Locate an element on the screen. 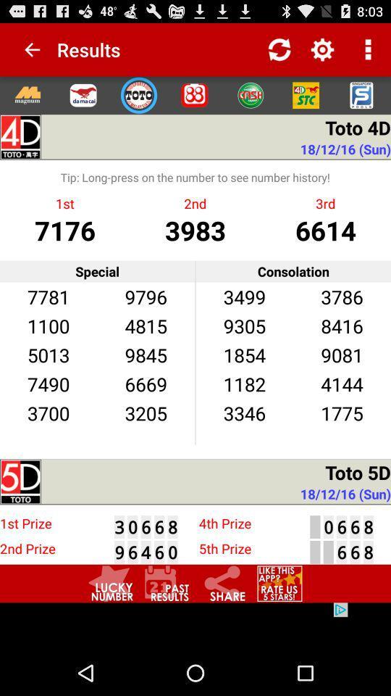  advertisement is located at coordinates (195, 626).